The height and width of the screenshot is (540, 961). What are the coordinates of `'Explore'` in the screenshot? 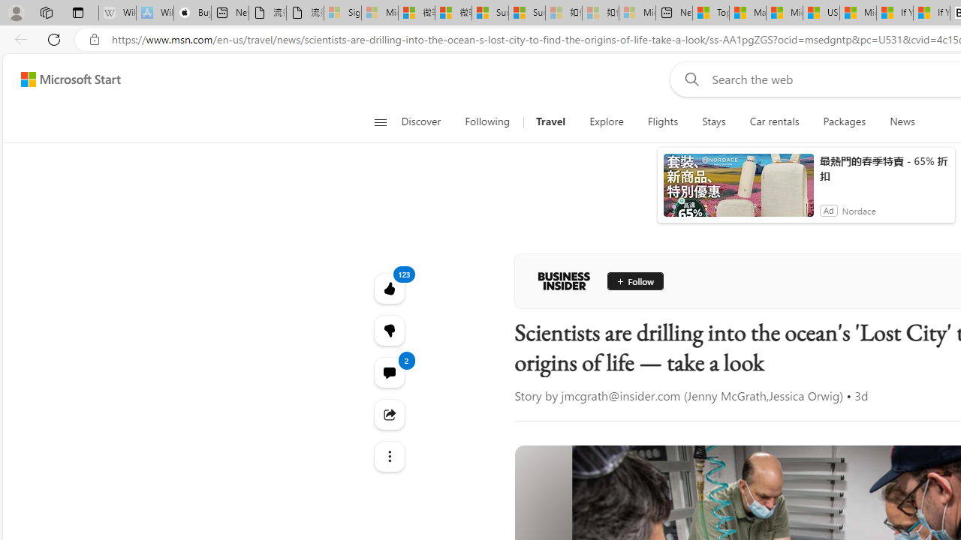 It's located at (607, 121).